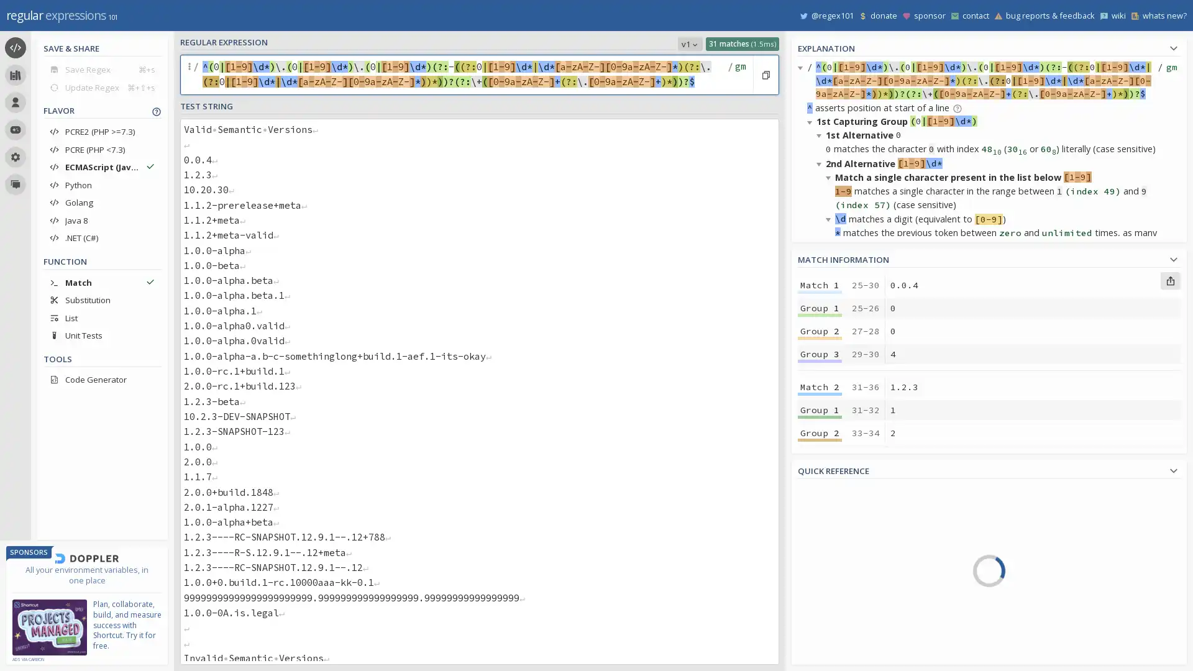  Describe the element at coordinates (739, 75) in the screenshot. I see `Set Regex Options` at that location.